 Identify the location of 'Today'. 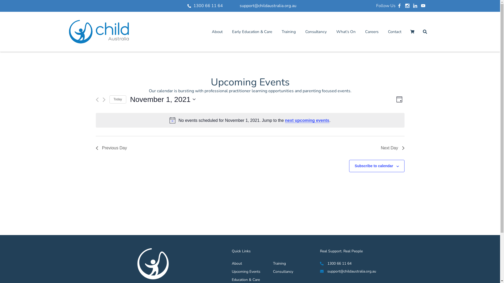
(117, 99).